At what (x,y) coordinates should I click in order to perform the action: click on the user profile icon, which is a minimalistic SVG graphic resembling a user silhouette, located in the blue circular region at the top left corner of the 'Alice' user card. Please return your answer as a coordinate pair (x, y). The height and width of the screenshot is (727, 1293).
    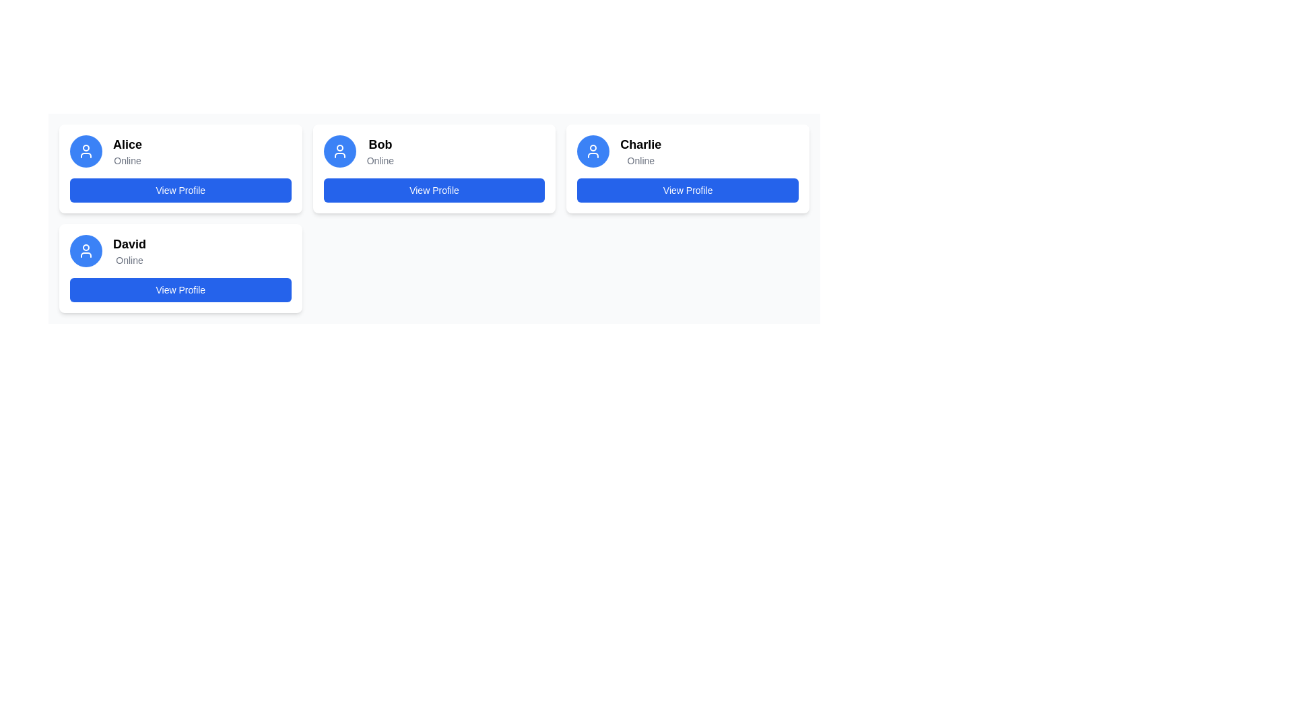
    Looking at the image, I should click on (86, 151).